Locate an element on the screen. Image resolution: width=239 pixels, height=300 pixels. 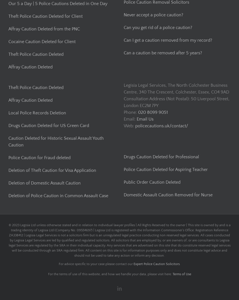
'Drugs Caution Deleted for Professional' is located at coordinates (161, 157).